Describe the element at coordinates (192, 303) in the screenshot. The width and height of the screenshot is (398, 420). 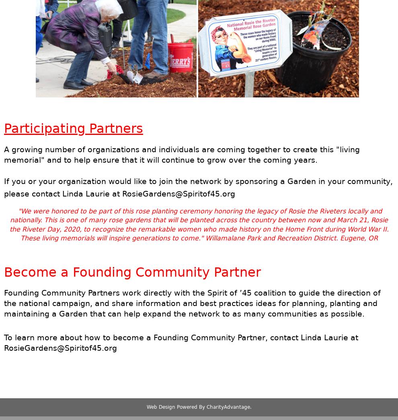
I see `'Founding Community Partners work directly with the Spirit of ’45 coalition to guide the direction of the national campaign, and share information and best practices ideas for planning, planting and maintaining a Garden that can help expand the network to as many communities as possible.'` at that location.